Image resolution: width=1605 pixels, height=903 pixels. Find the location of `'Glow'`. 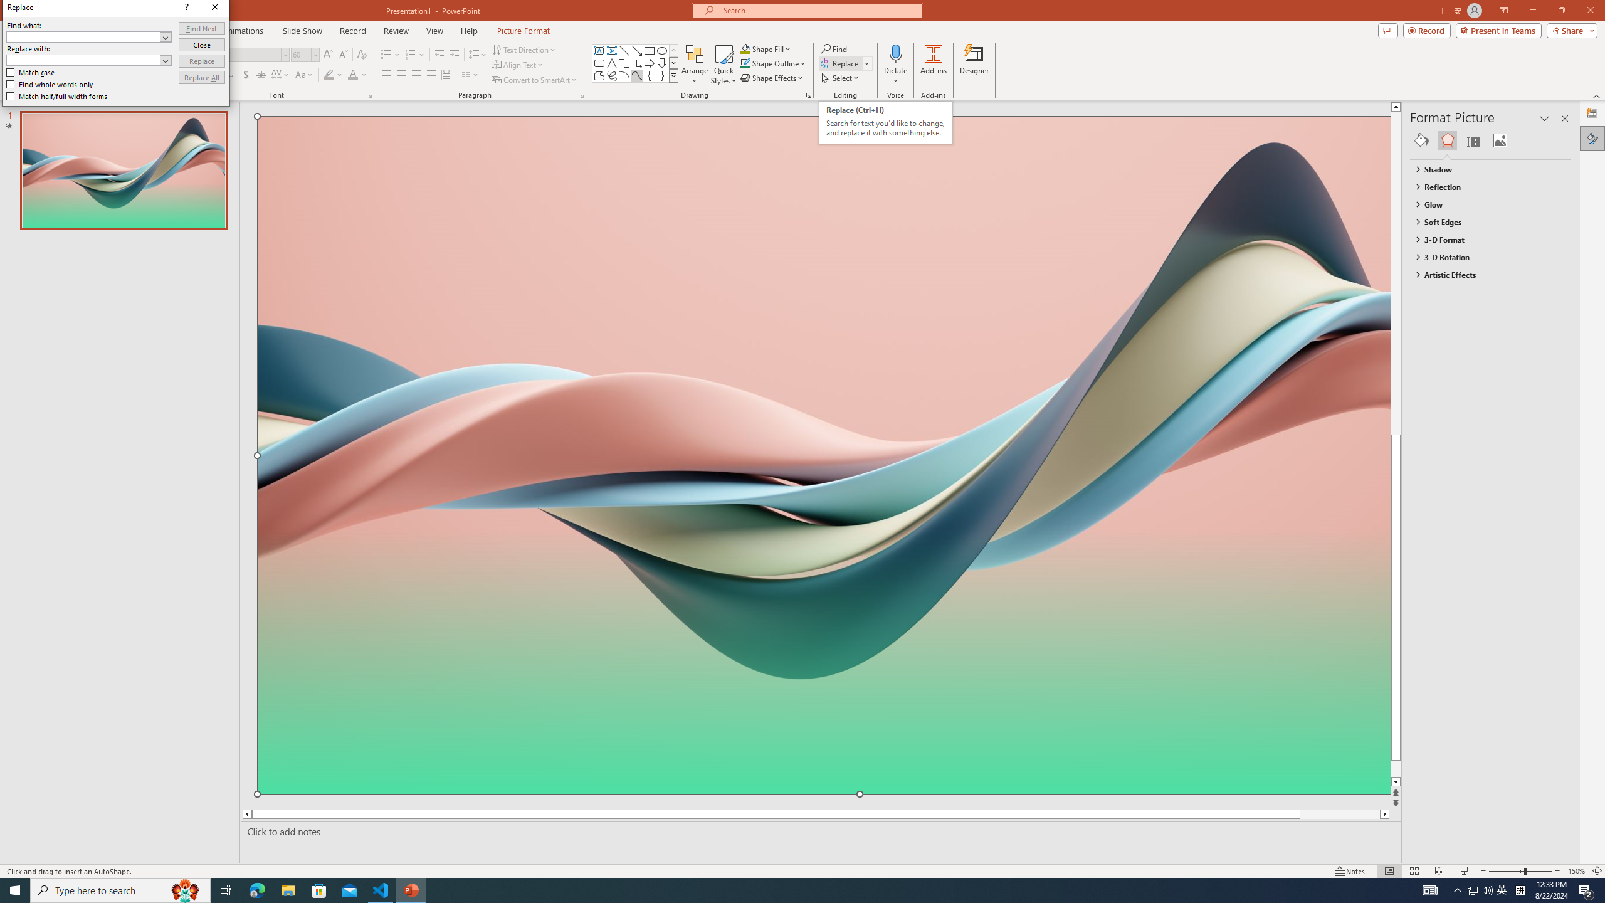

'Glow' is located at coordinates (1485, 204).